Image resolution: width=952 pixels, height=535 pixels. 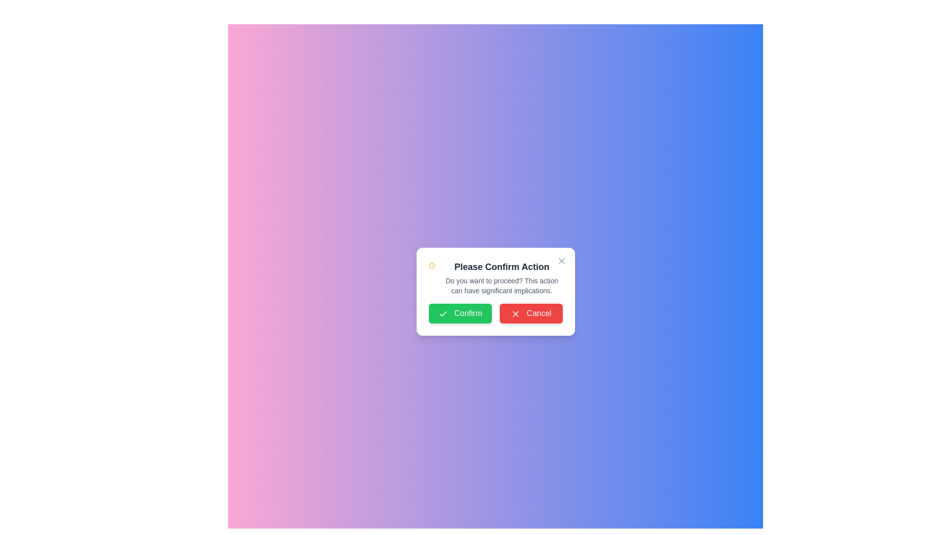 I want to click on the close icon (X) in the top-right corner of the modal dialog, so click(x=561, y=261).